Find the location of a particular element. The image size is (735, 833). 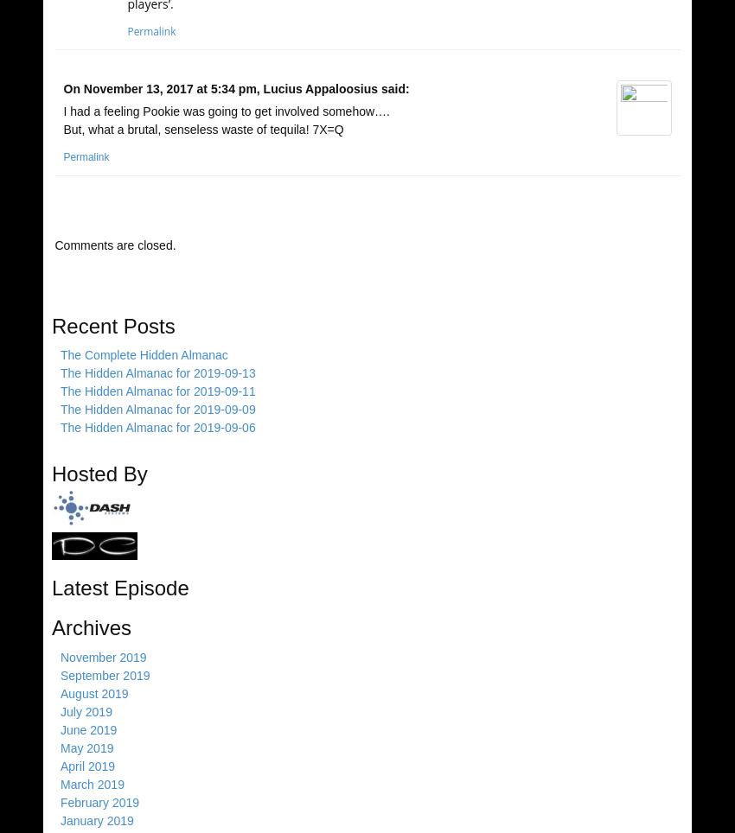

'May 2019' is located at coordinates (86, 747).